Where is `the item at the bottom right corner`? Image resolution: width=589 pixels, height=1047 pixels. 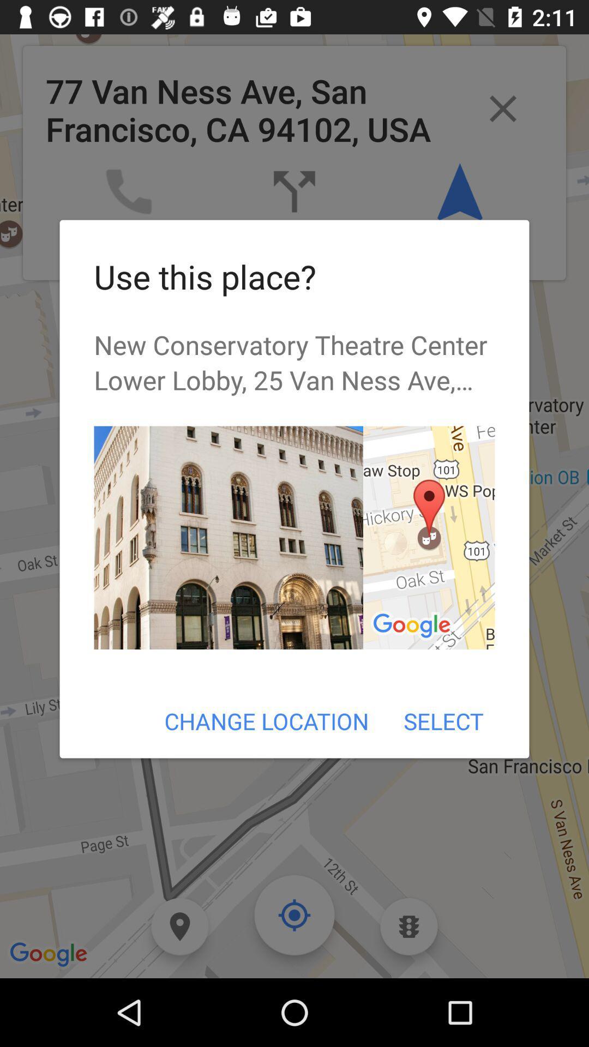 the item at the bottom right corner is located at coordinates (443, 721).